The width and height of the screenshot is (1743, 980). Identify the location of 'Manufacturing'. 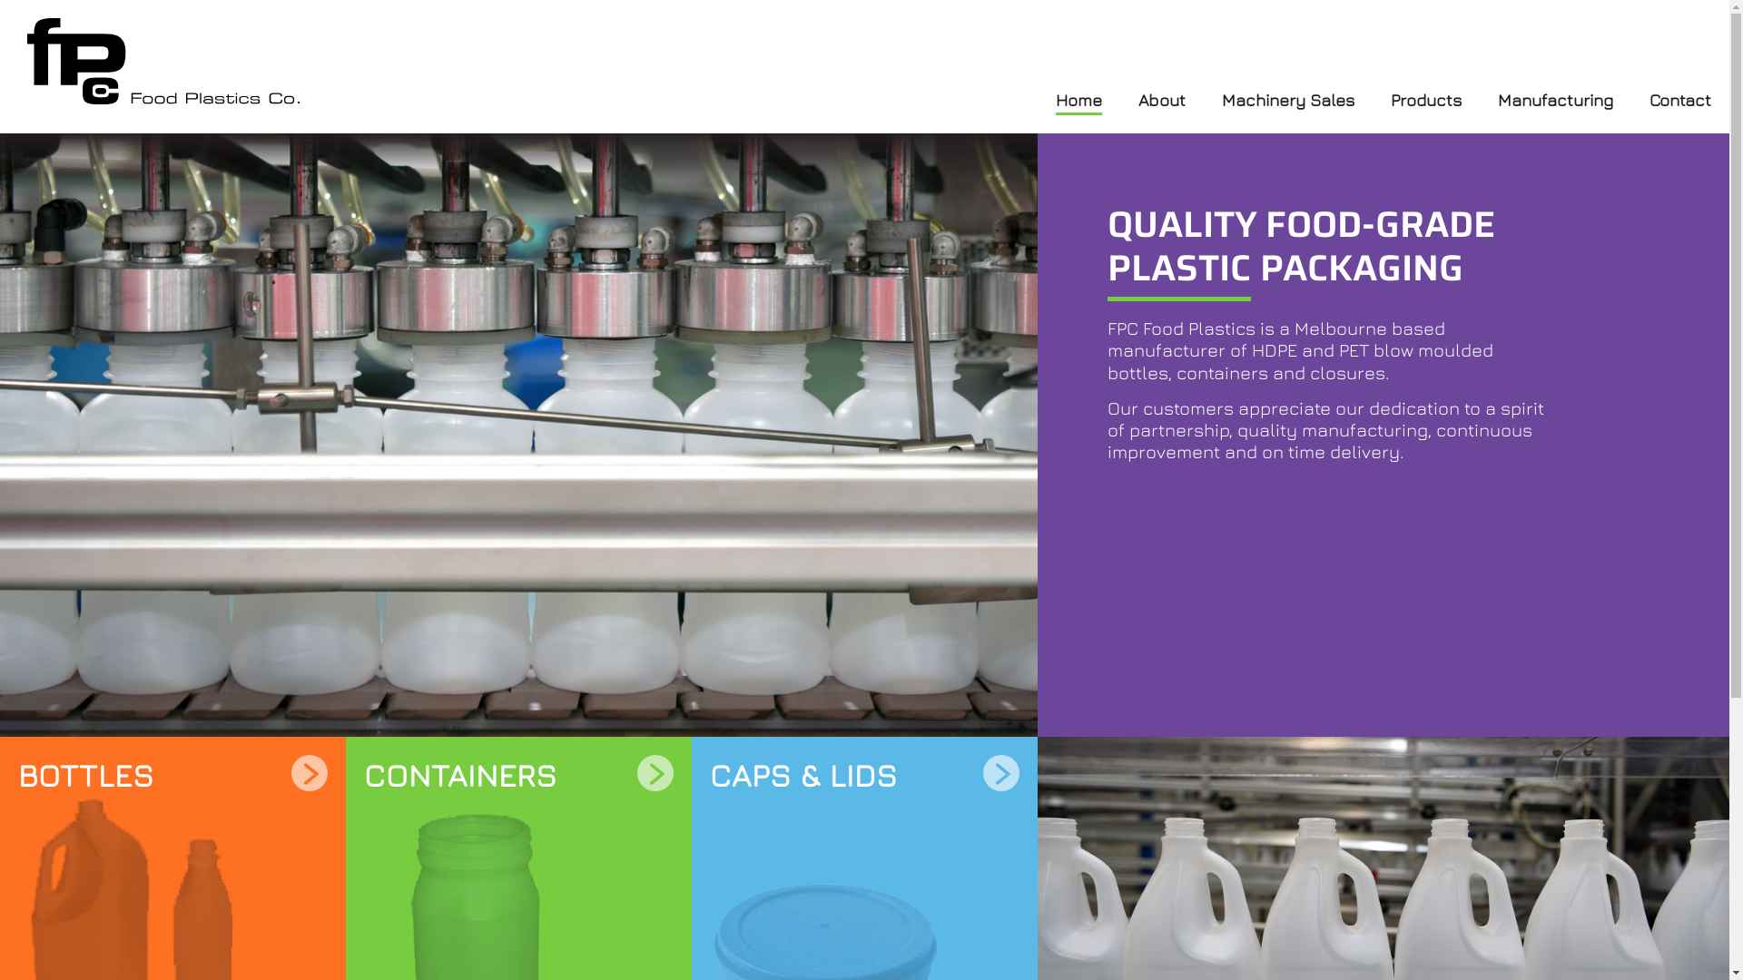
(1554, 101).